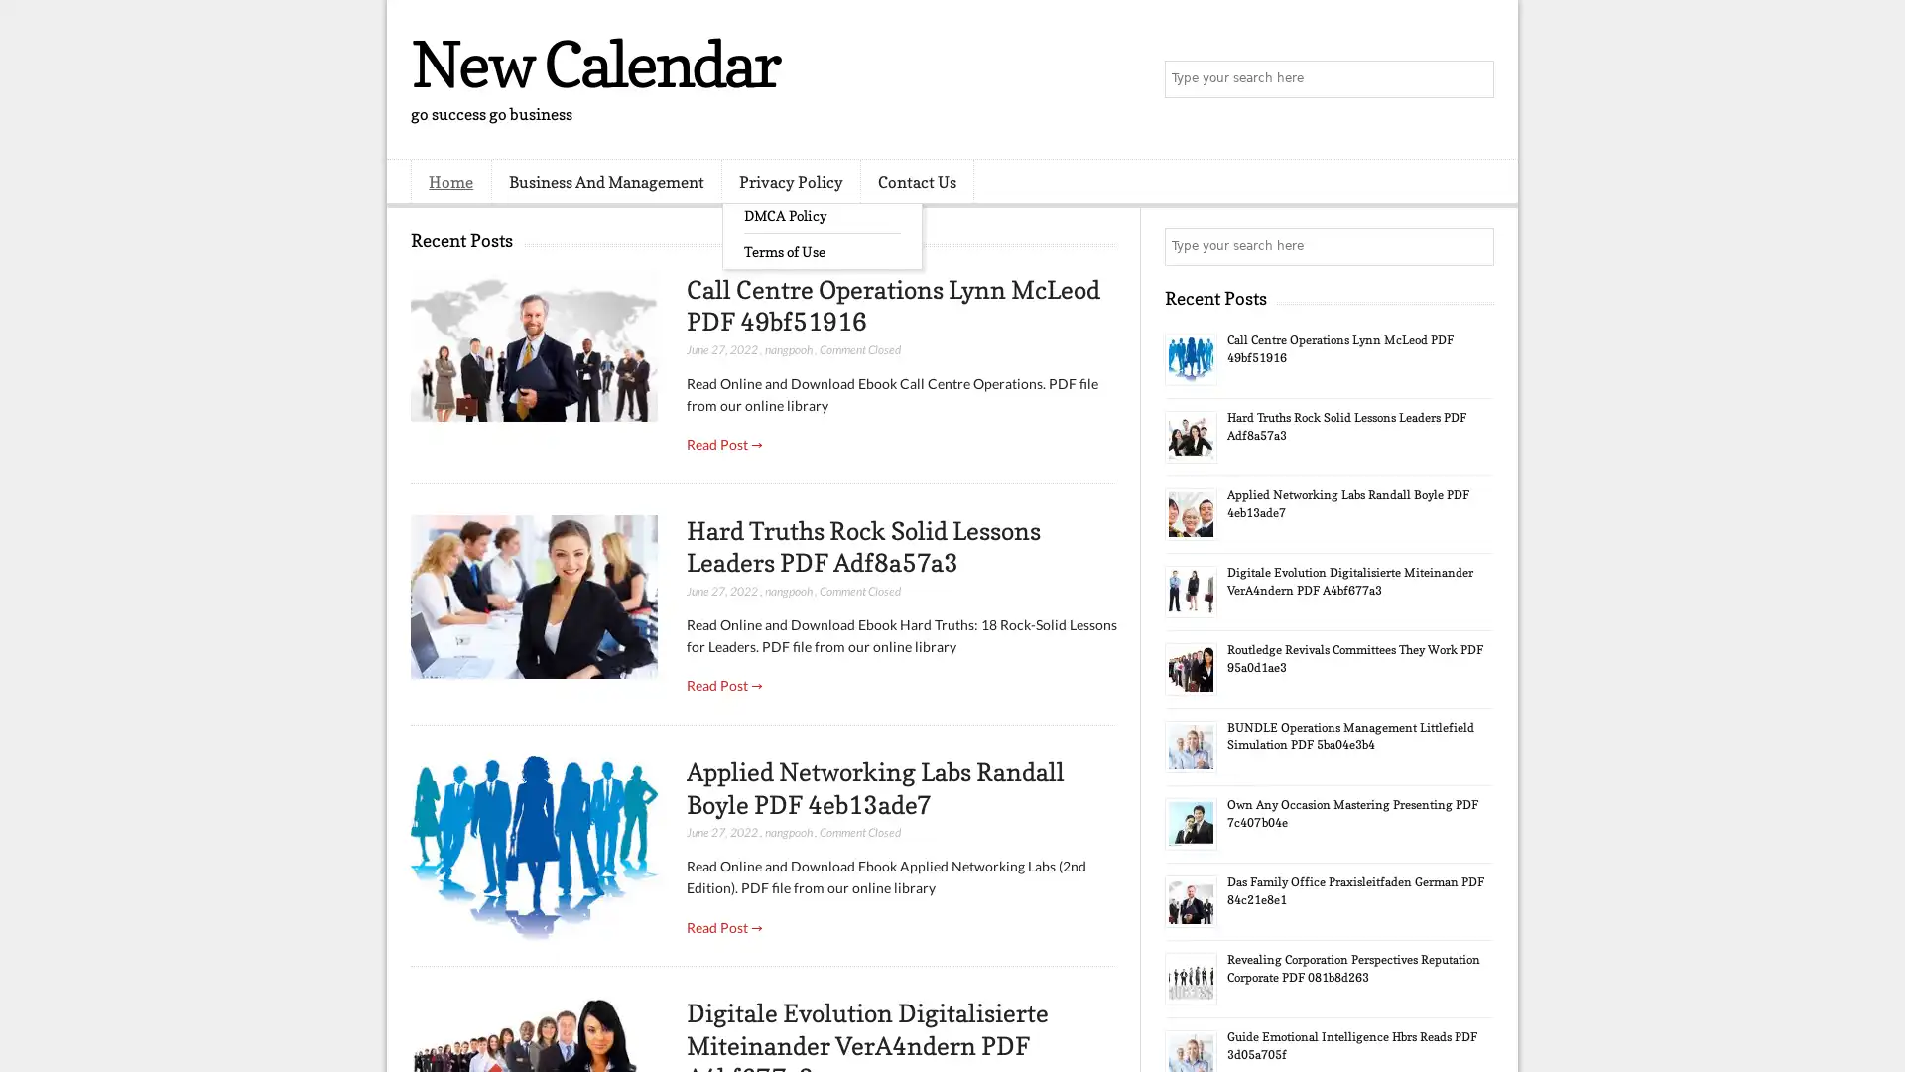 Image resolution: width=1905 pixels, height=1072 pixels. I want to click on Search, so click(1473, 246).